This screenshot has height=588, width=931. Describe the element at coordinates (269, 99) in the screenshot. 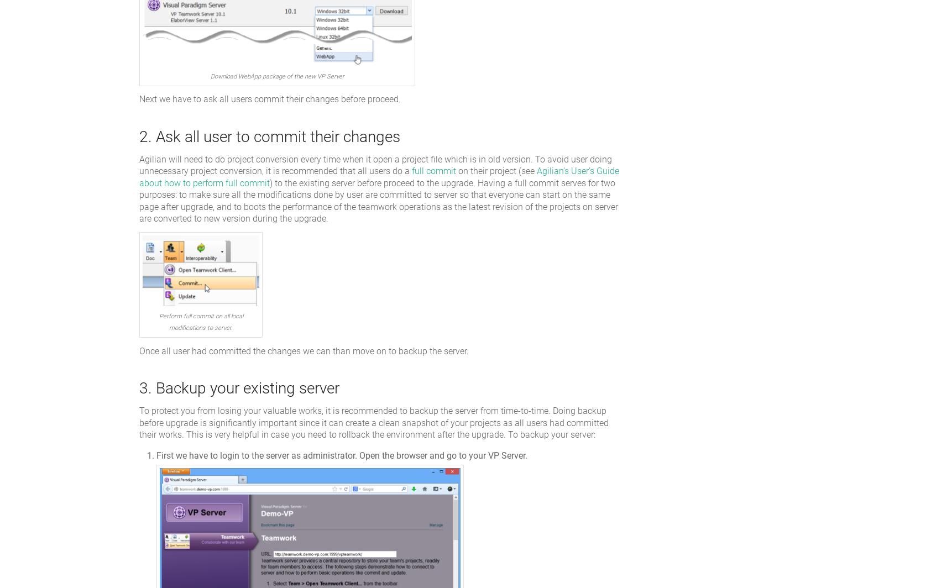

I see `'Next we have to ask all users commit their changes before proceed.'` at that location.